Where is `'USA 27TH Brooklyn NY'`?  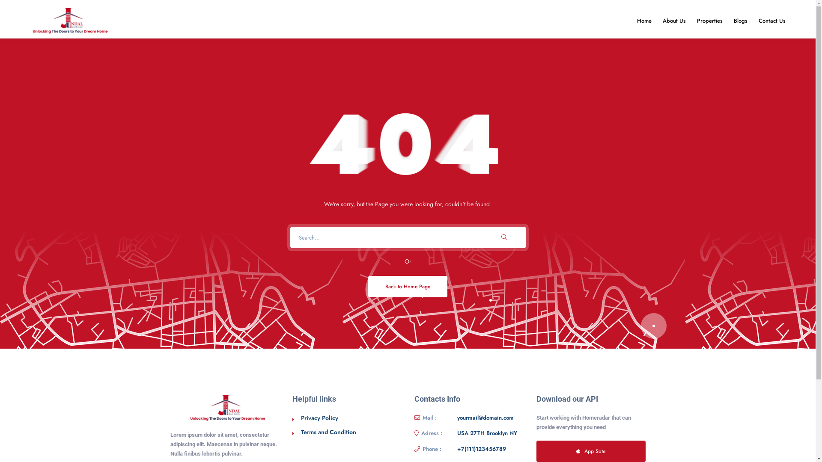
'USA 27TH Brooklyn NY' is located at coordinates (487, 433).